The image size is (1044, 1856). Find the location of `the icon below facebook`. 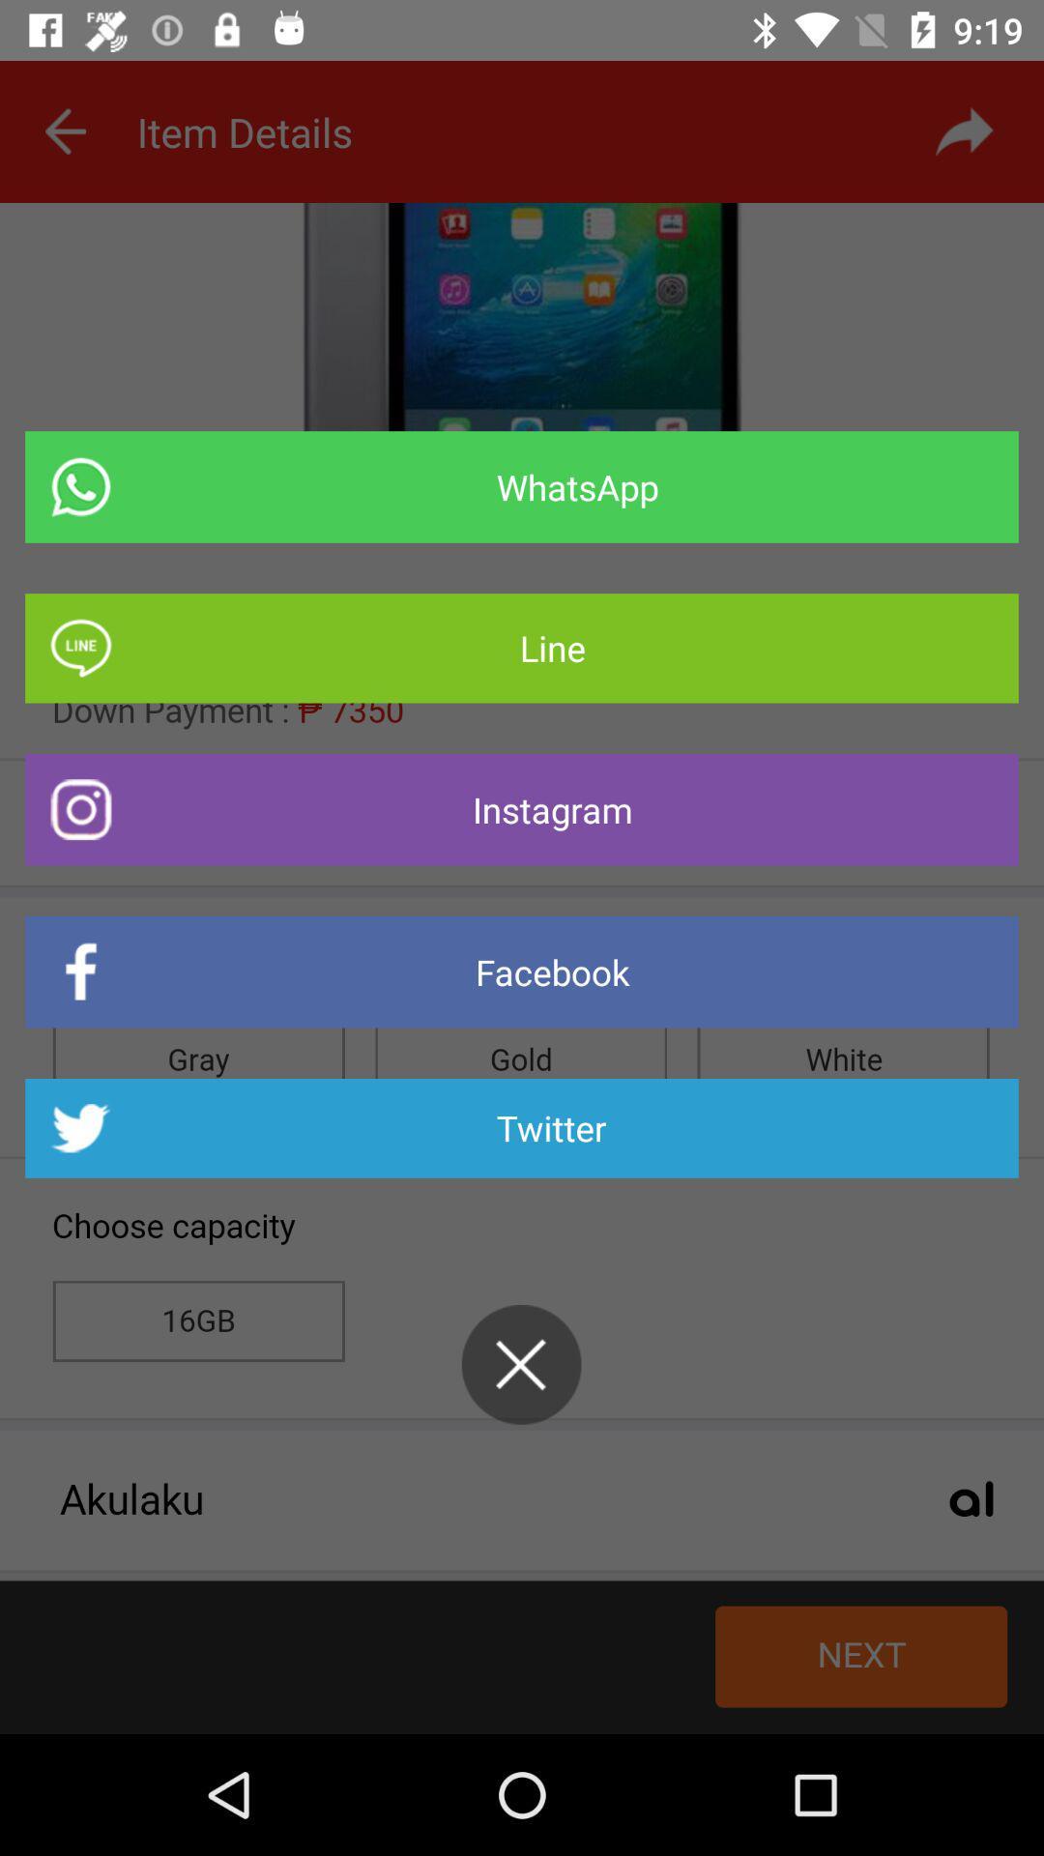

the icon below facebook is located at coordinates (522, 1128).